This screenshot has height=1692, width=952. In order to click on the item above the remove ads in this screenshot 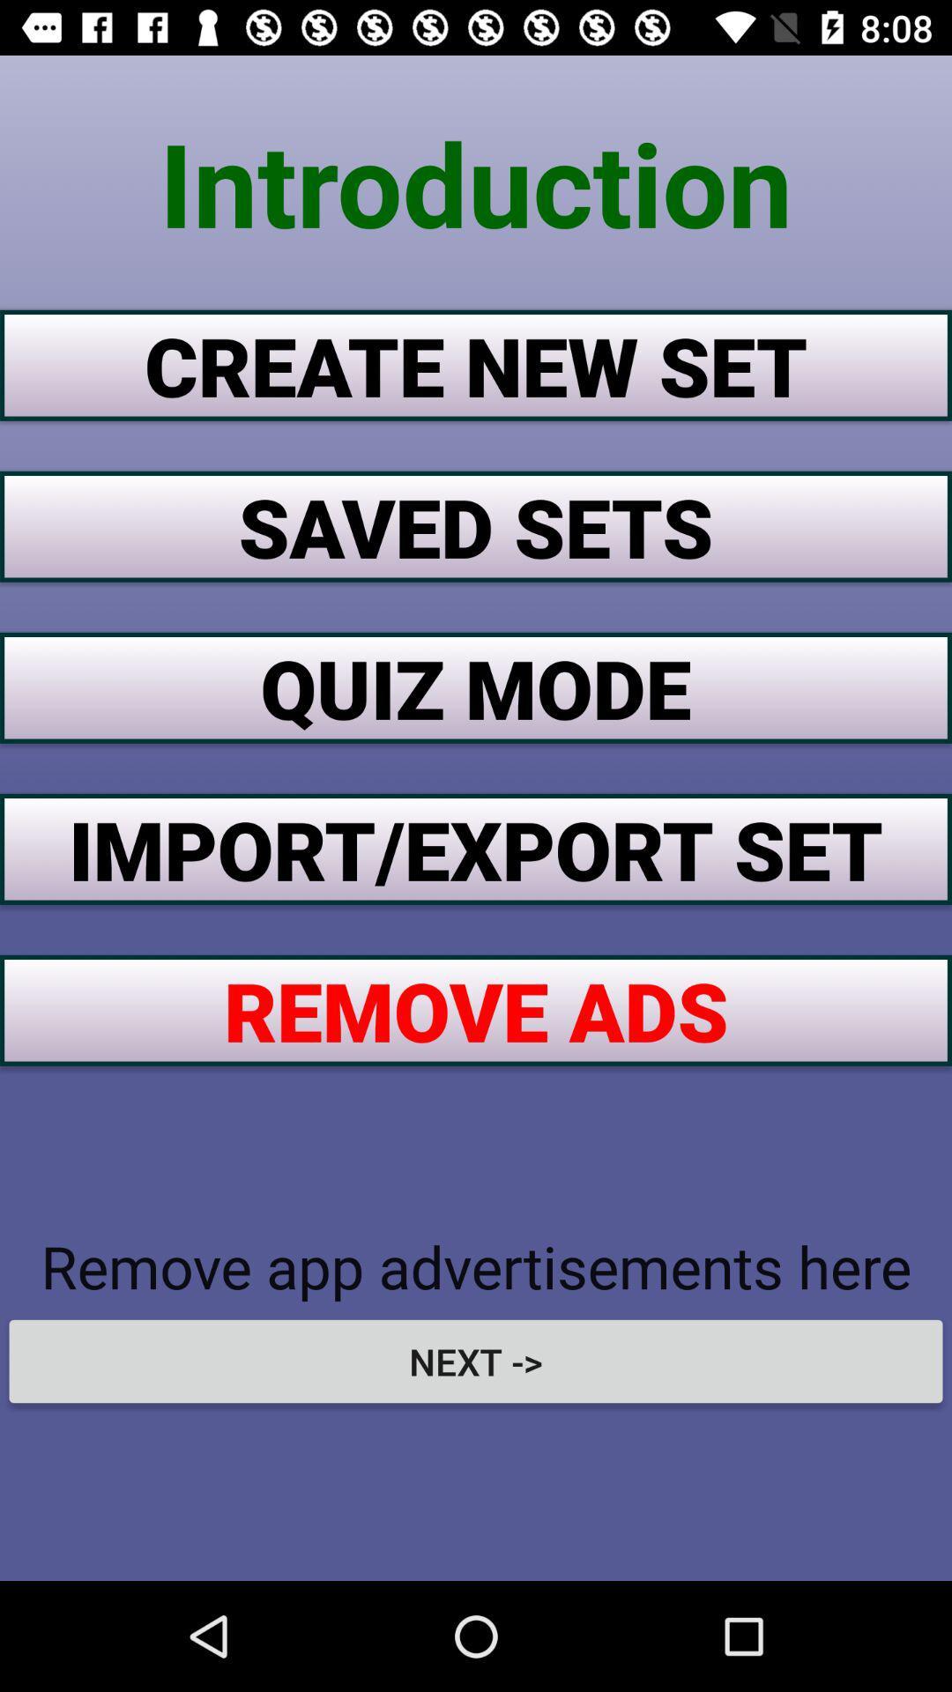, I will do `click(476, 849)`.